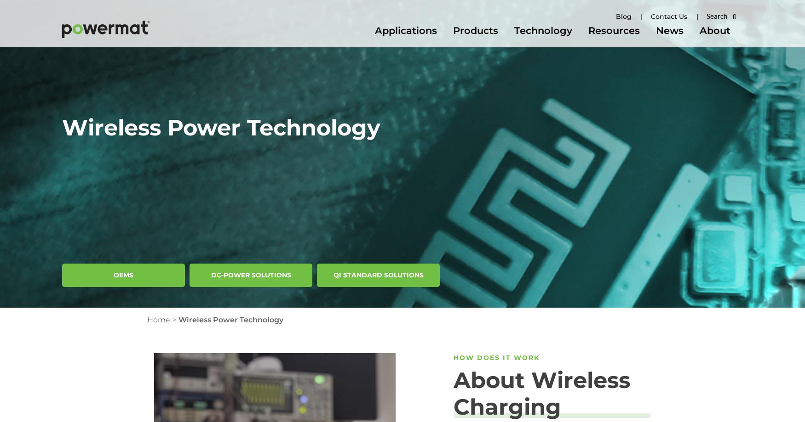  What do you see at coordinates (669, 17) in the screenshot?
I see `'Contact Us'` at bounding box center [669, 17].